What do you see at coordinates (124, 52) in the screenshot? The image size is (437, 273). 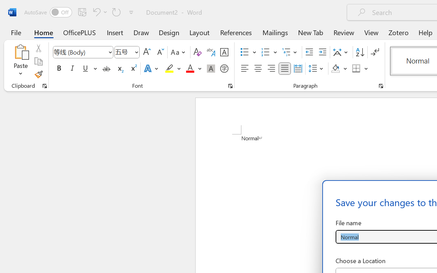 I see `'Font Size'` at bounding box center [124, 52].